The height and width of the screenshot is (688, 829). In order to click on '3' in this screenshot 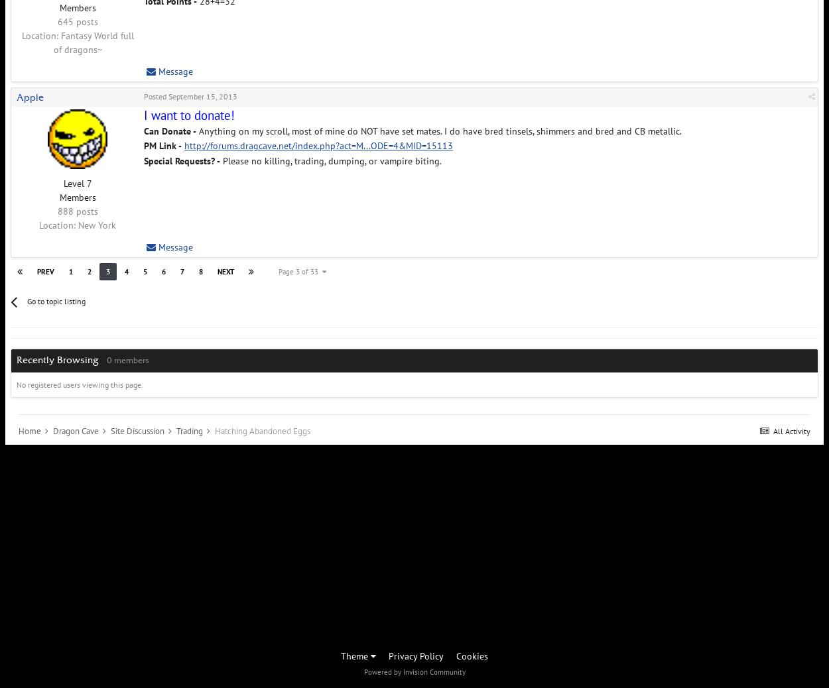, I will do `click(107, 270)`.